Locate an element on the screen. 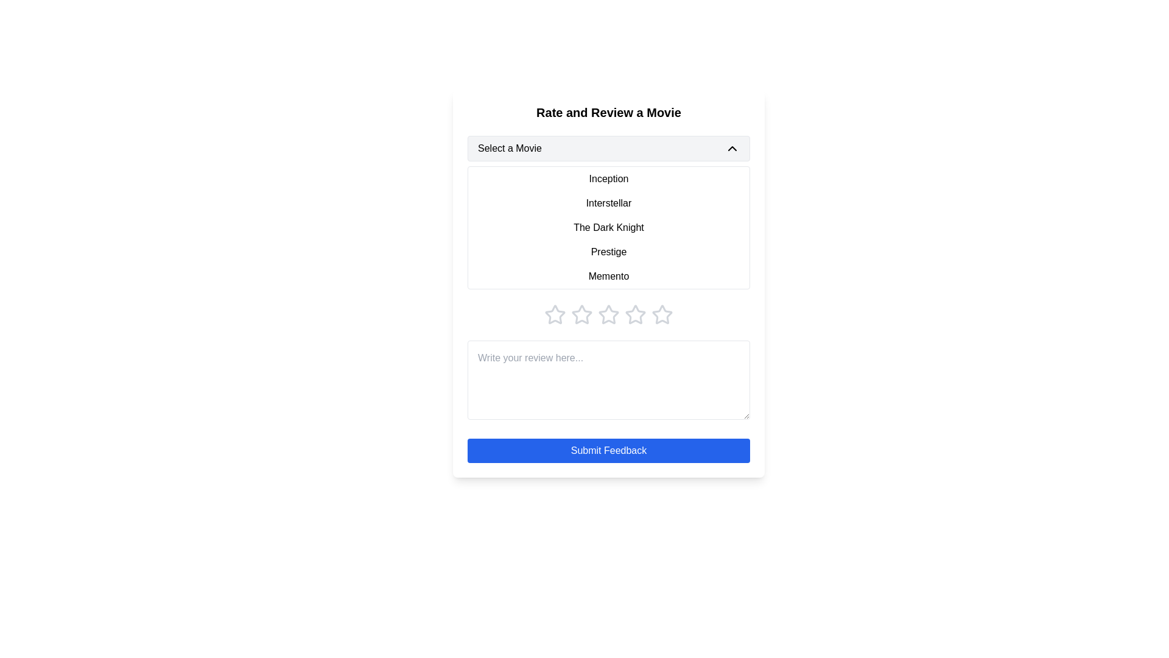  the fifth star icon in the rating system is located at coordinates (662, 314).